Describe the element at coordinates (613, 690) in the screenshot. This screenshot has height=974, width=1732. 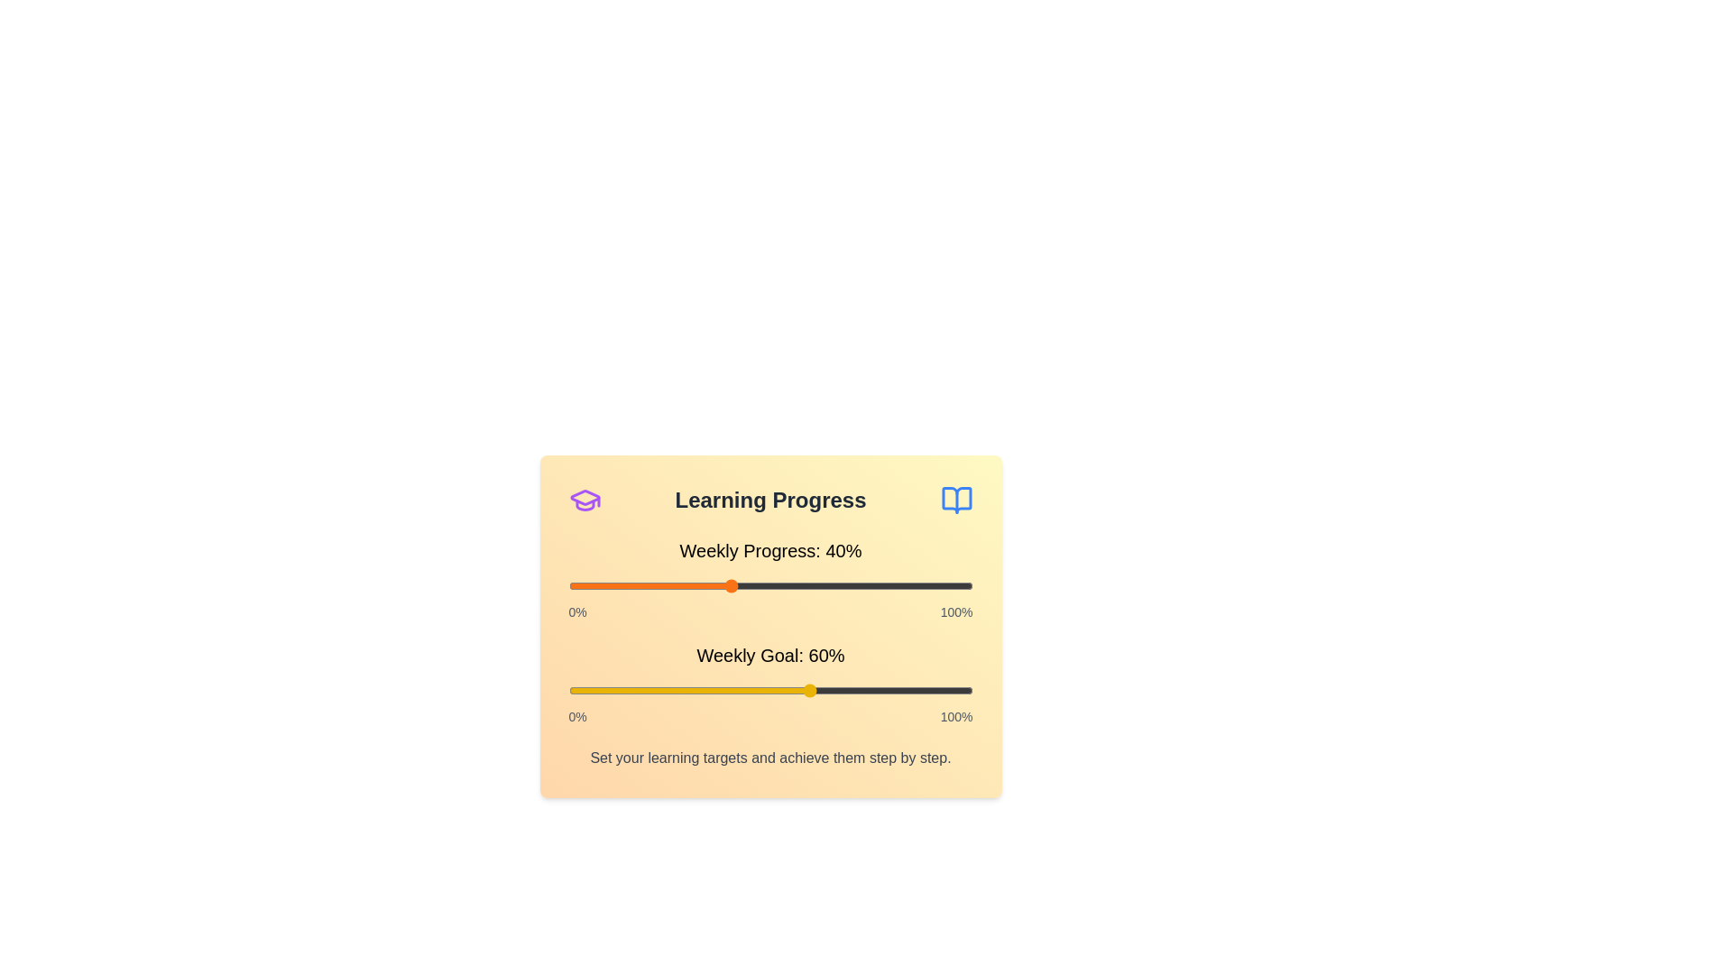
I see `the 'Weekly Goal' slider to 11%` at that location.